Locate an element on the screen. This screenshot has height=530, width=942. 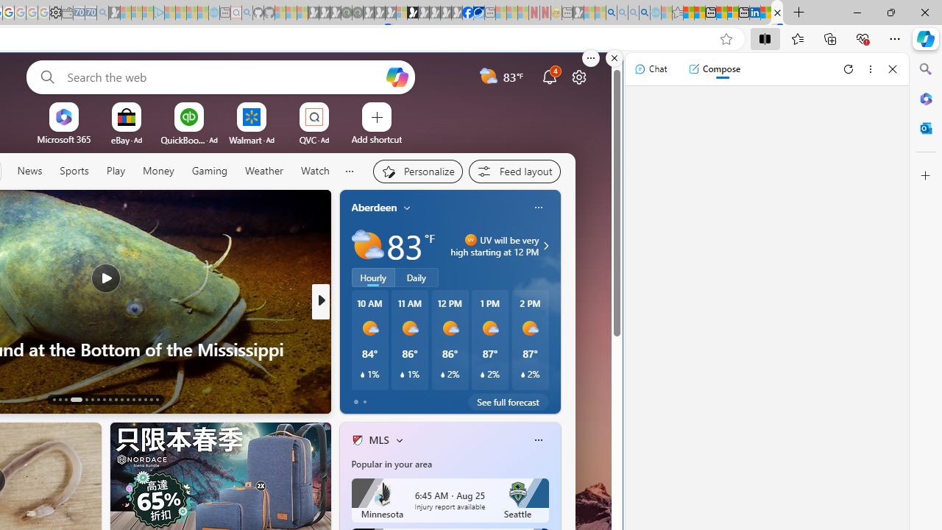
'Class: weather-current-precipitation-glyph' is located at coordinates (523, 373).